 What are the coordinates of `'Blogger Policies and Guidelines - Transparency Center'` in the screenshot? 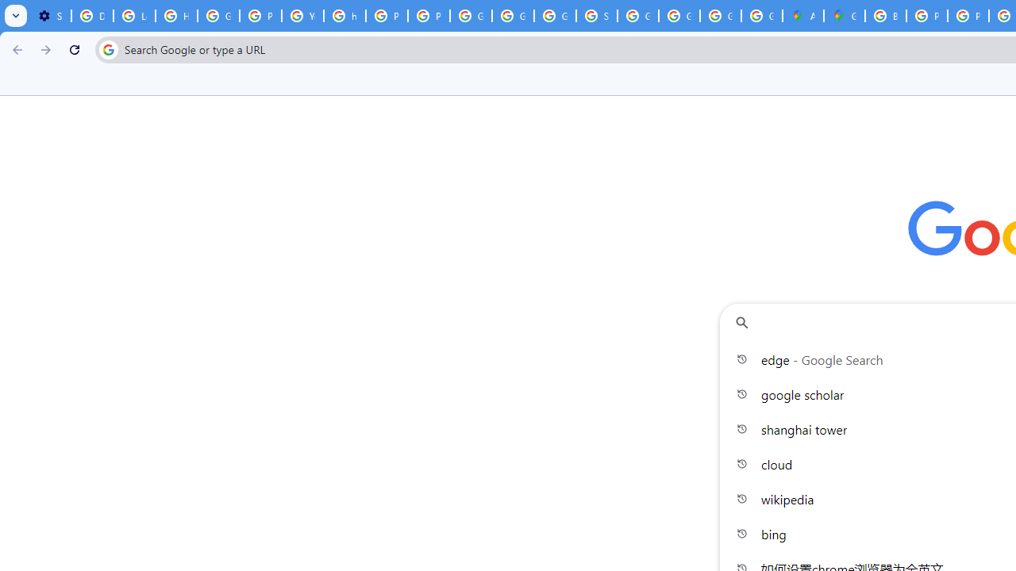 It's located at (885, 16).